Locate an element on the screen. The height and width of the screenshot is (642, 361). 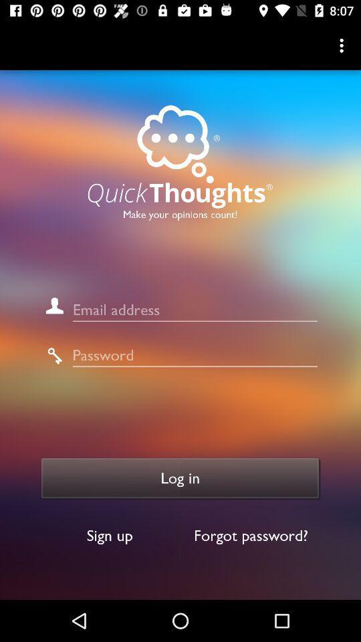
item above sign up item is located at coordinates (180, 478).